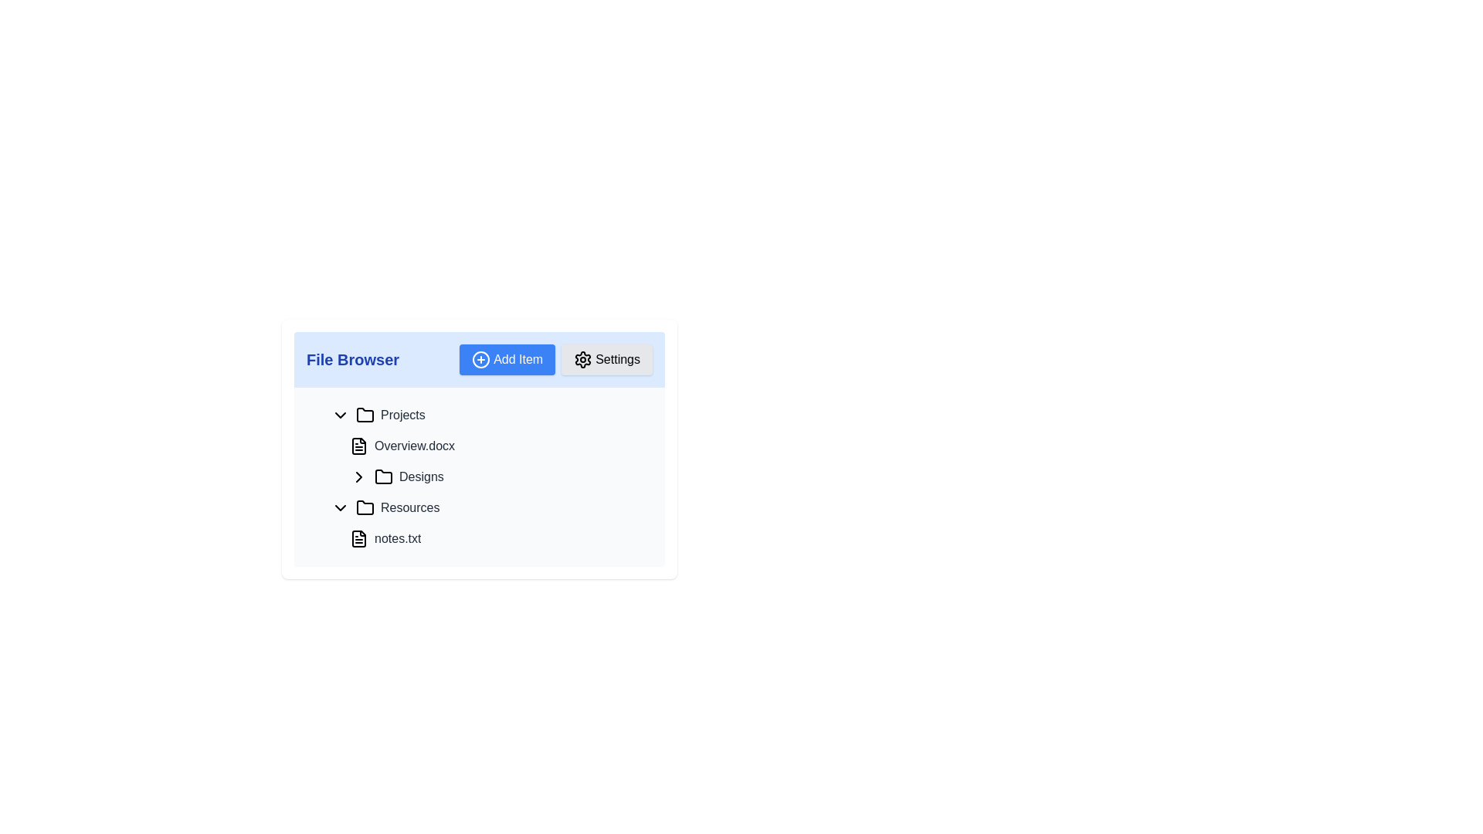 This screenshot has height=834, width=1483. What do you see at coordinates (384, 476) in the screenshot?
I see `the decorative folder icon located to the left of the 'Designs' item label in the file browsing section` at bounding box center [384, 476].